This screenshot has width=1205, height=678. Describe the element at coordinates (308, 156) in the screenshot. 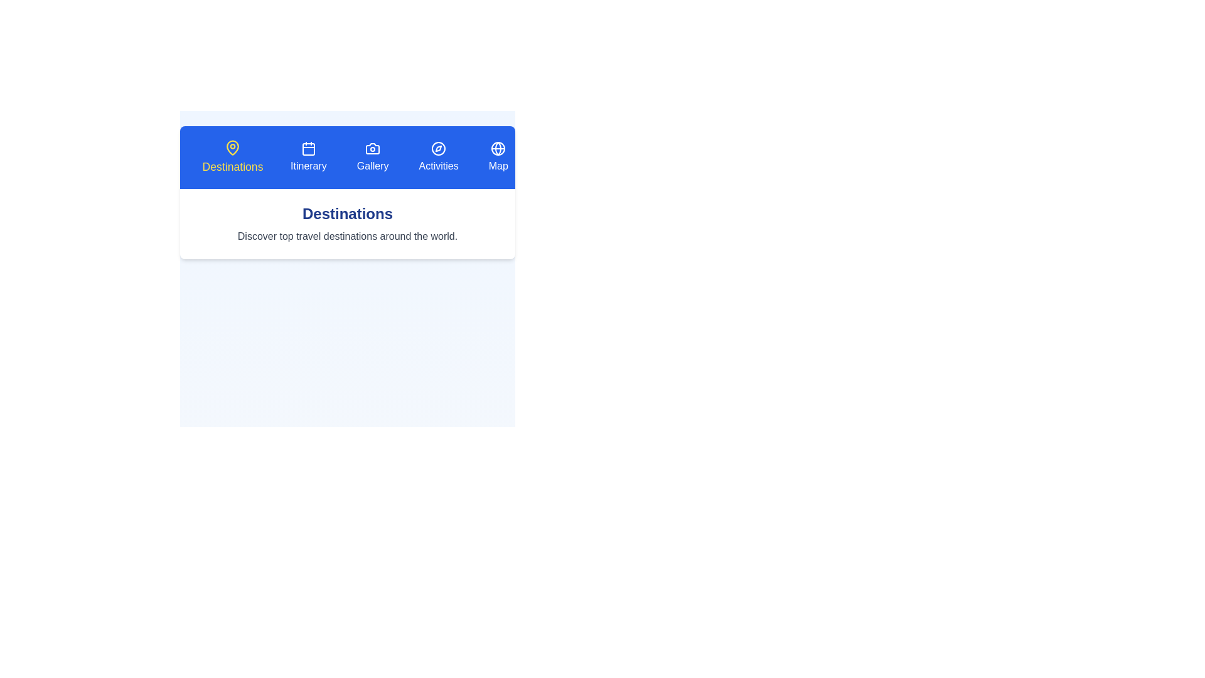

I see `the navigation button labeled 'Itinerary', which is the second option in the blue navigation bar` at that location.